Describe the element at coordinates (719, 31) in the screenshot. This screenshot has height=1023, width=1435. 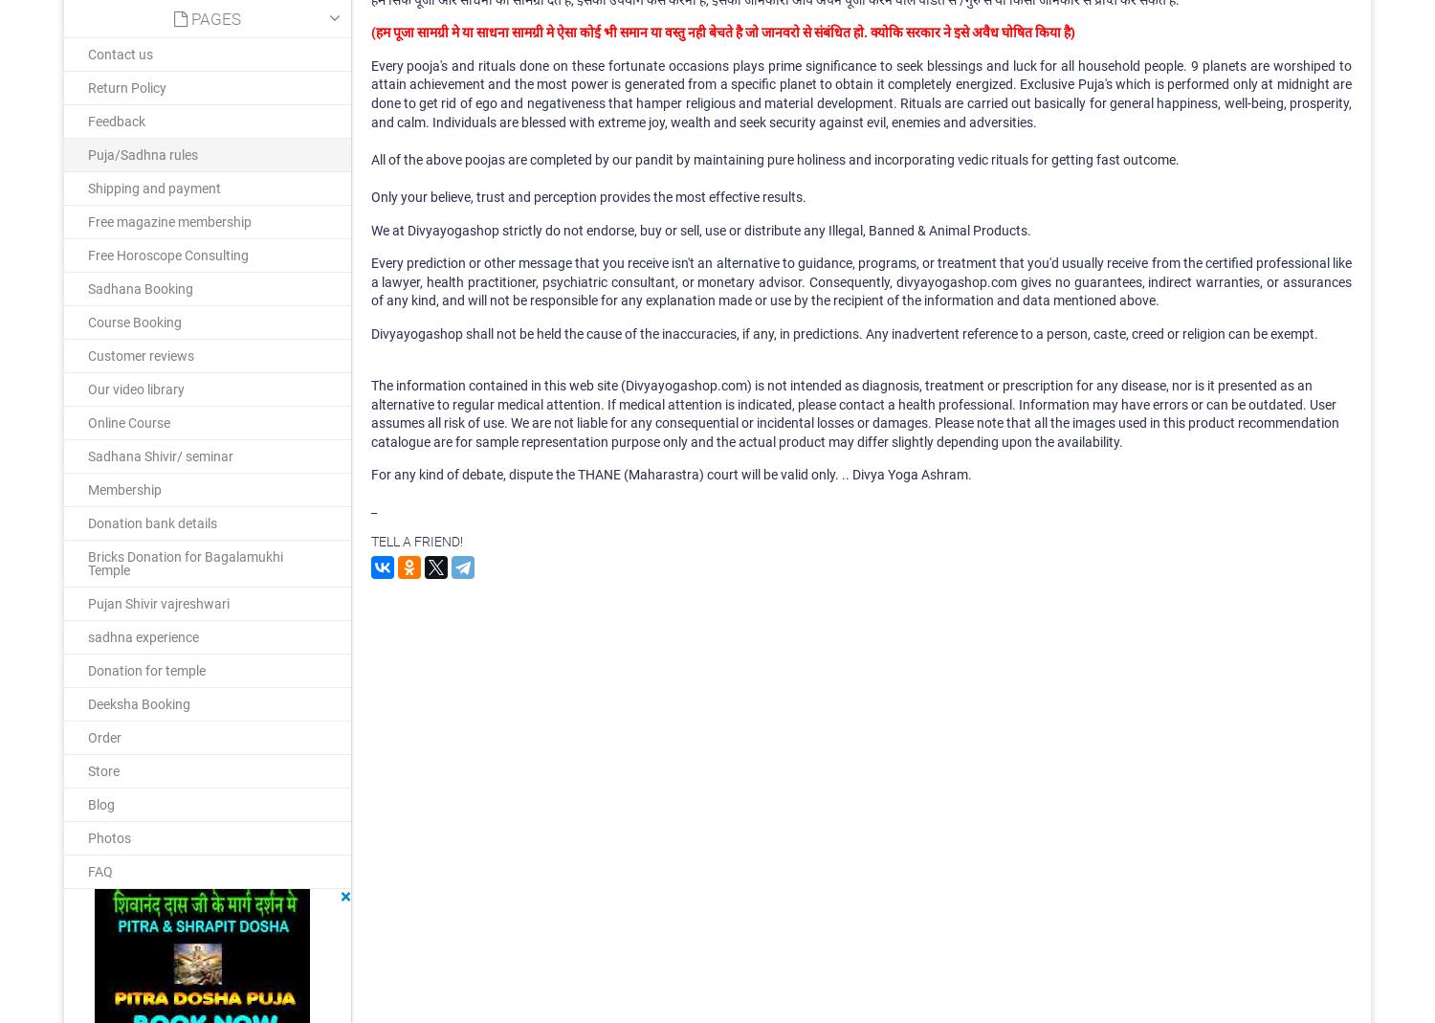
I see `'(हम पूजा सामग्री मे या साधना सामग्री मे ऐसा कोई भी समान या वस्तु नही बेचते है जो जानवरो से संबंधित हो. क्योकि सरकार ने इसे अवैध घोषित किया है'` at that location.